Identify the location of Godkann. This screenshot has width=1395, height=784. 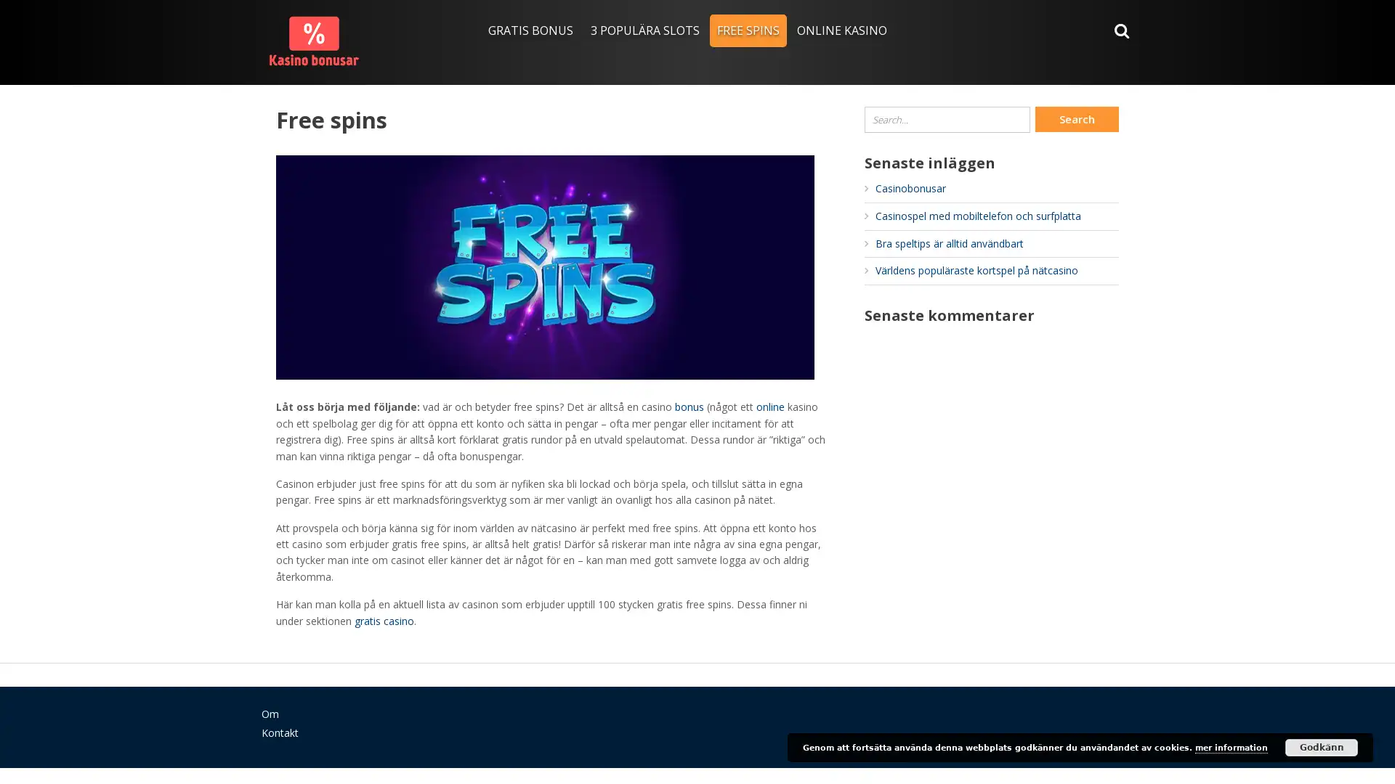
(1322, 747).